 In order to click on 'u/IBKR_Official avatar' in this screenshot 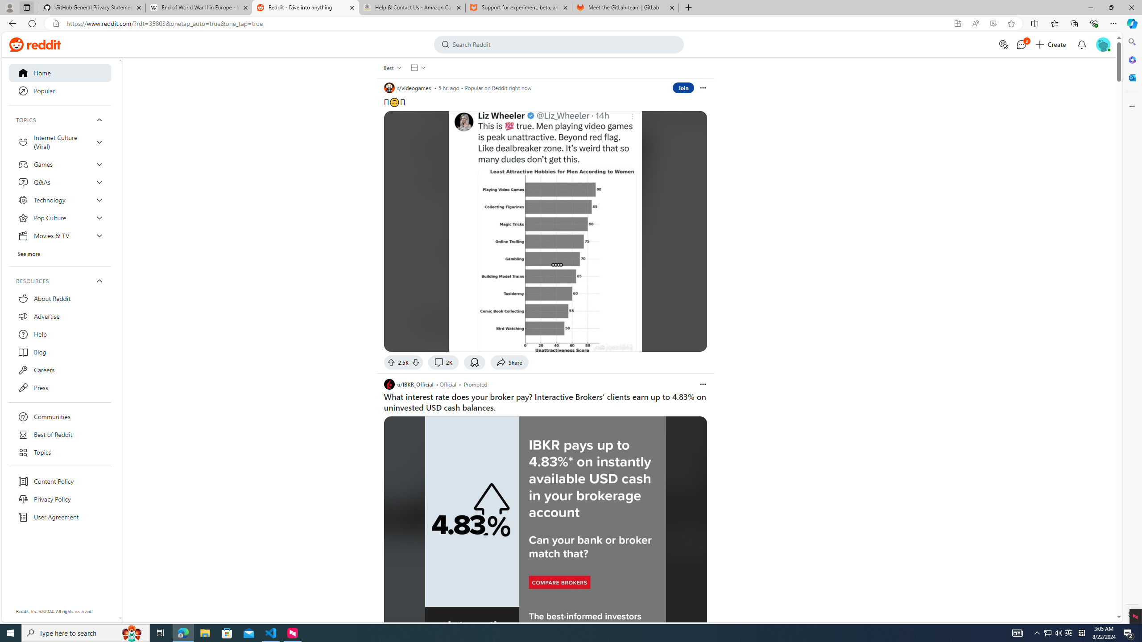, I will do `click(389, 384)`.